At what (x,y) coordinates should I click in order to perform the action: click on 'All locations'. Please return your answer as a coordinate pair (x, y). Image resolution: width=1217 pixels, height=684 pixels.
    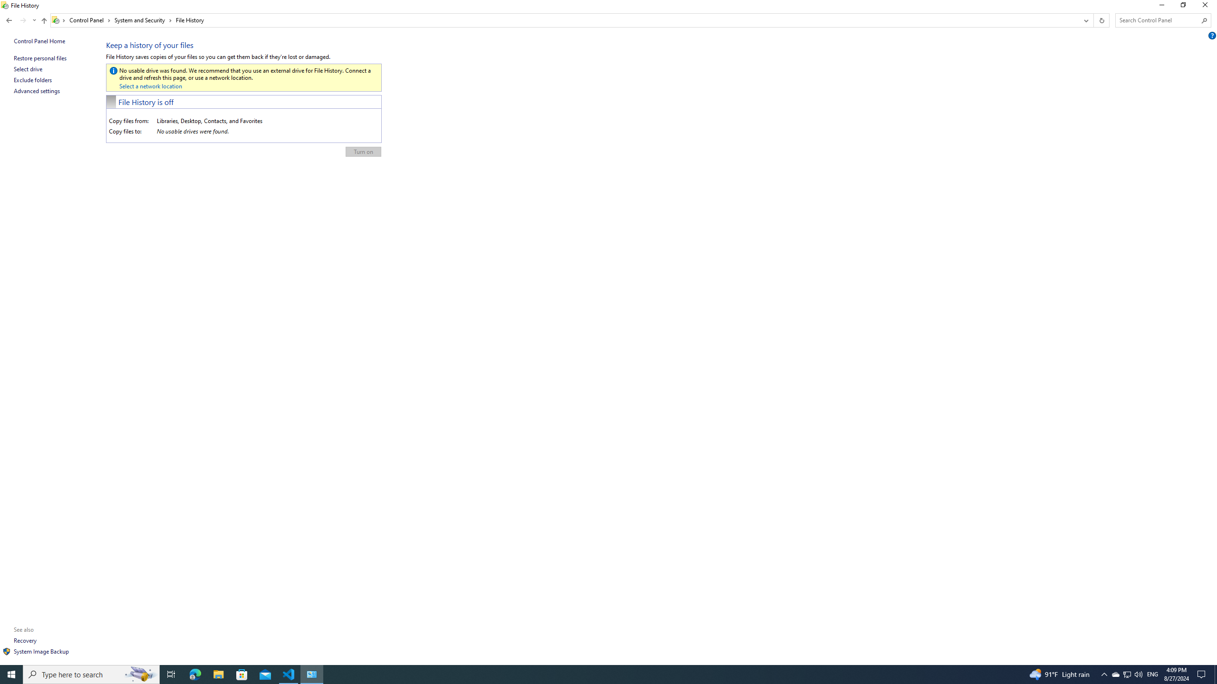
    Looking at the image, I should click on (58, 20).